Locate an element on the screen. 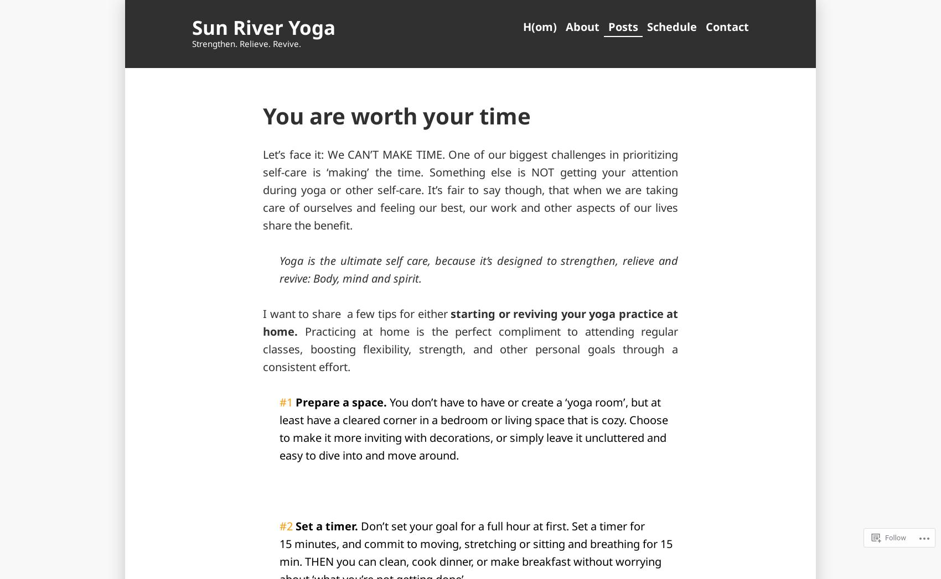 Image resolution: width=941 pixels, height=579 pixels. 'H(om)' is located at coordinates (539, 26).